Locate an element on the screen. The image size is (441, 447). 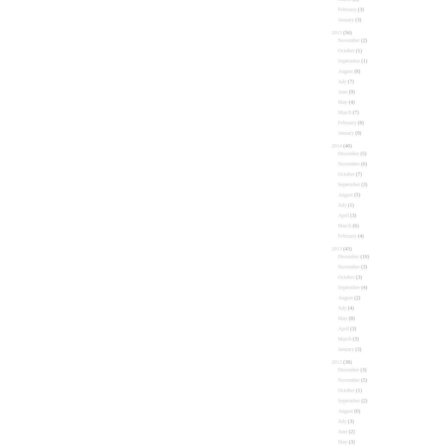
'(40)' is located at coordinates (347, 146).